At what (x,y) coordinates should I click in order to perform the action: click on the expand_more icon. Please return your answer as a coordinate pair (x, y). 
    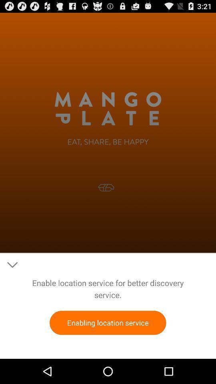
    Looking at the image, I should click on (12, 283).